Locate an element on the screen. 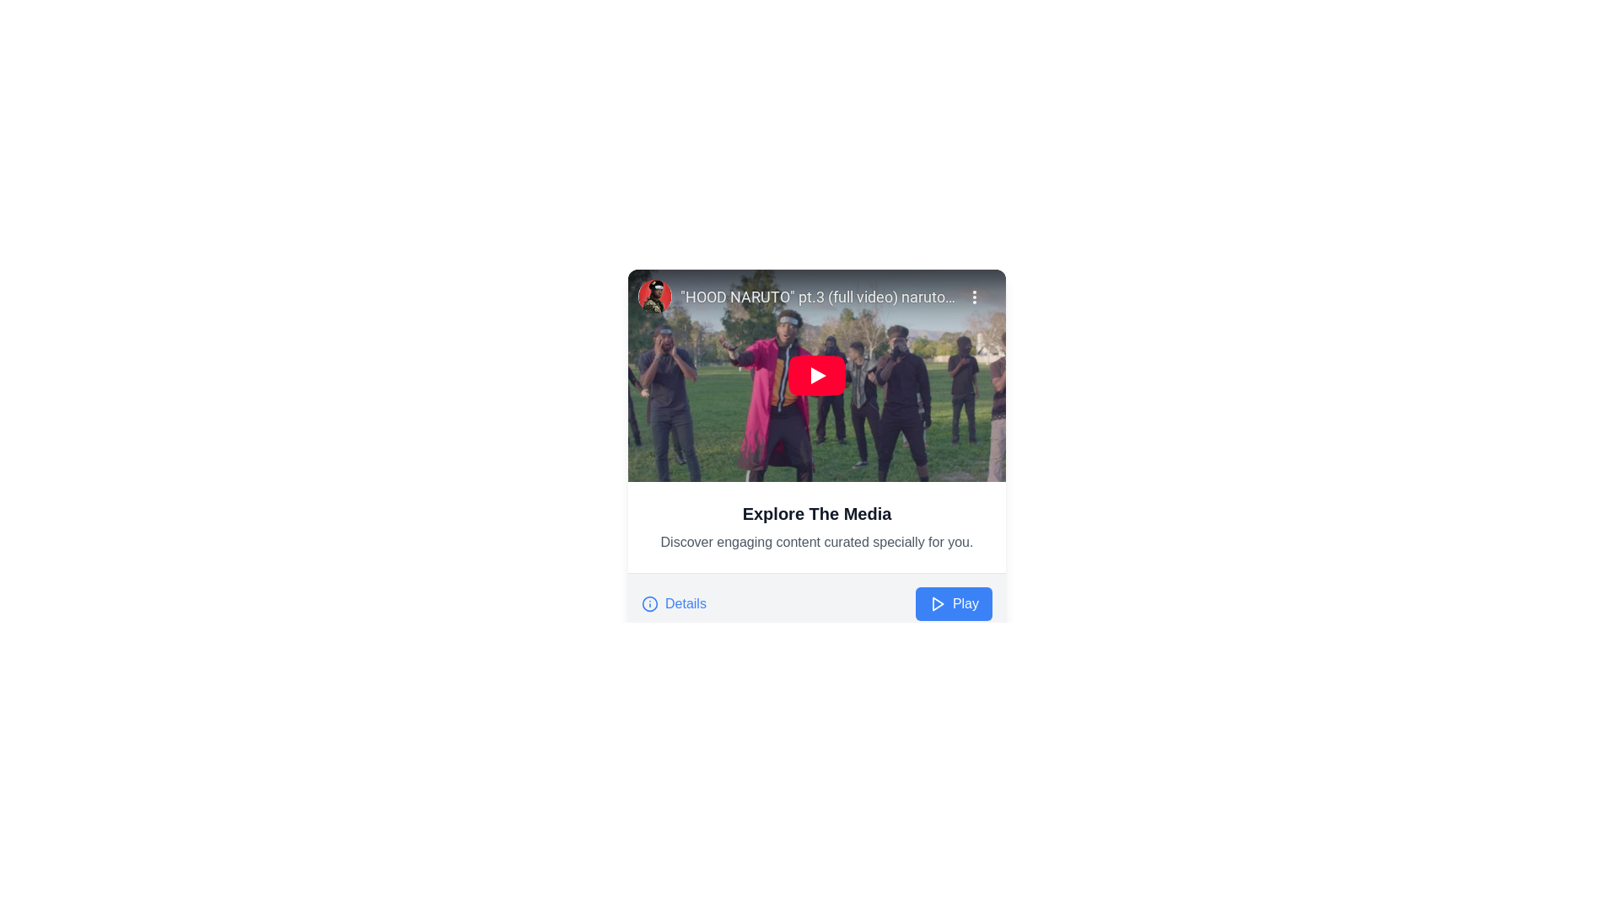  the triangular play icon outlined in white, which is embedded within the blue circular background of the 'Play' button located at the bottom right corner of the card component is located at coordinates (936, 603).